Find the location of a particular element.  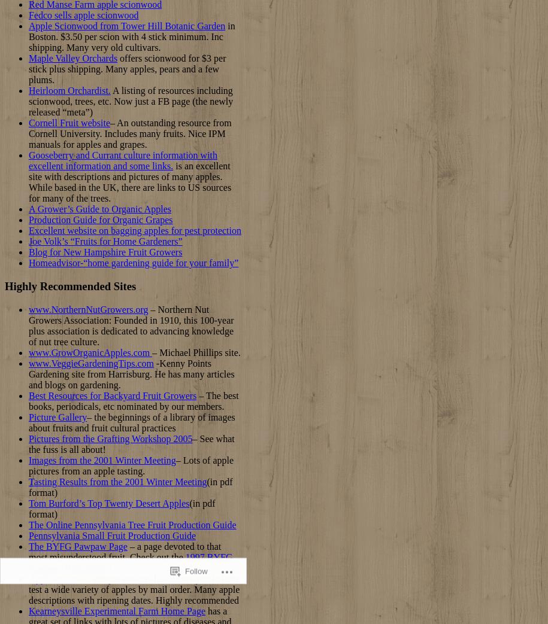

'-Kenny Points Gardening site from Harrisburg. He has many articles and blogs on gardening.' is located at coordinates (131, 373).